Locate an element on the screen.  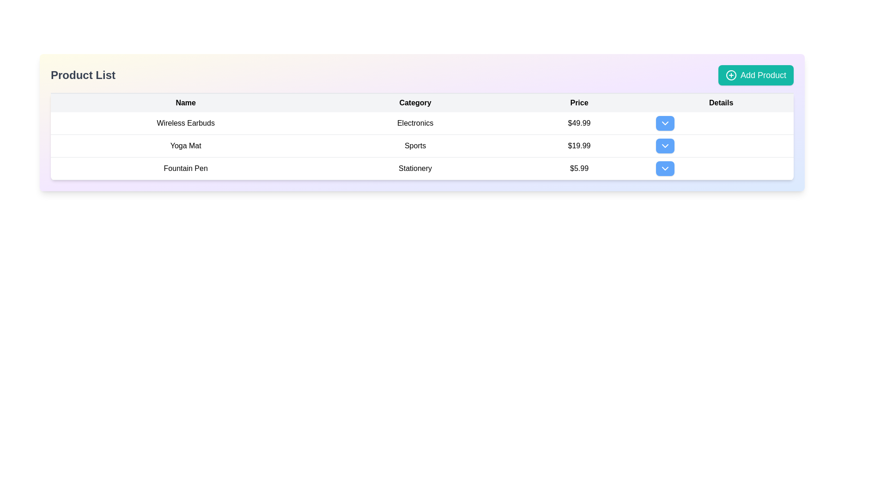
the table cell containing the text 'Stationery' in the 'Category' column of the last row in the data table is located at coordinates (415, 169).